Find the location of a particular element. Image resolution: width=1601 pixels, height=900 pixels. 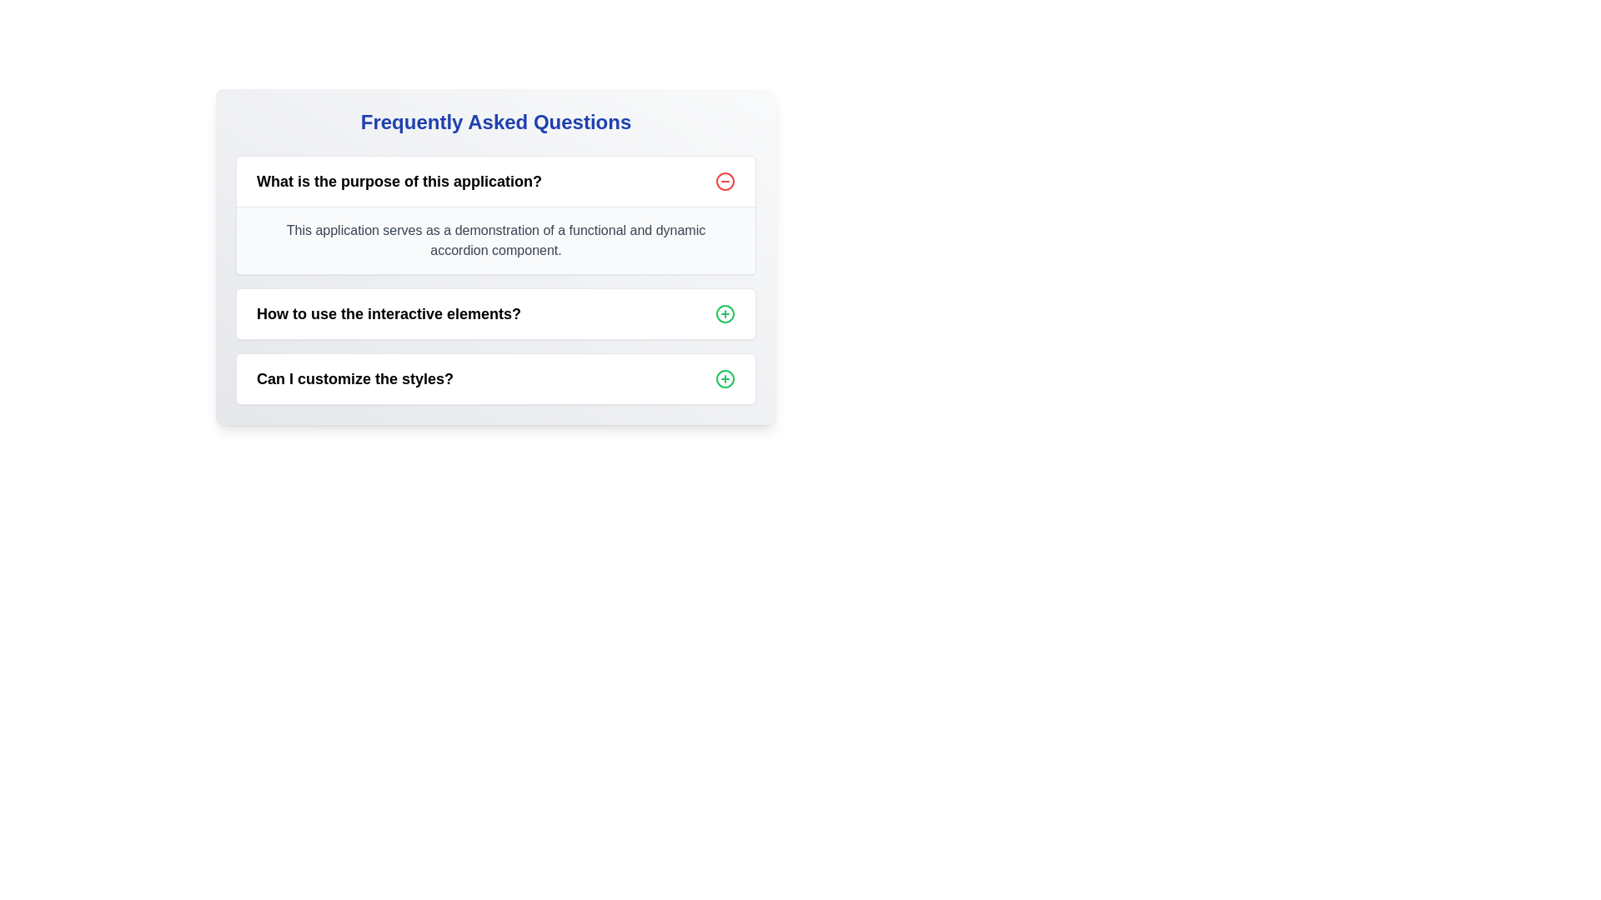

the question title in the Collapsible FAQ Section is located at coordinates (495, 278).